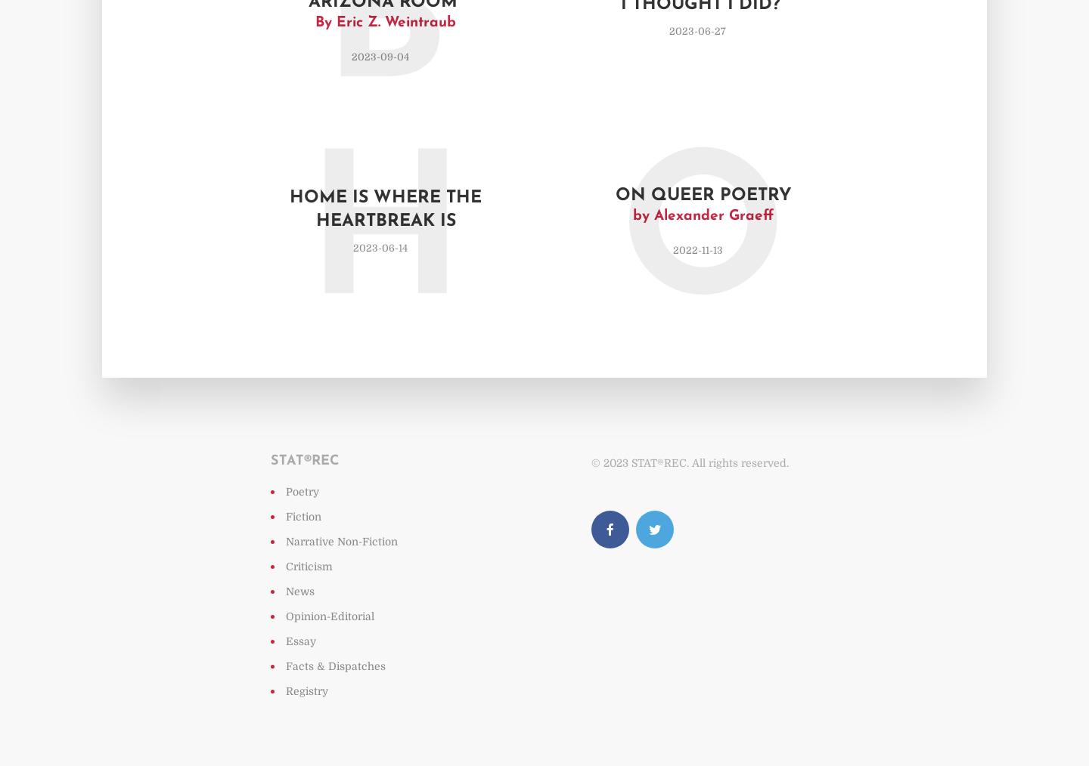 The height and width of the screenshot is (766, 1089). Describe the element at coordinates (703, 243) in the screenshot. I see `'O'` at that location.